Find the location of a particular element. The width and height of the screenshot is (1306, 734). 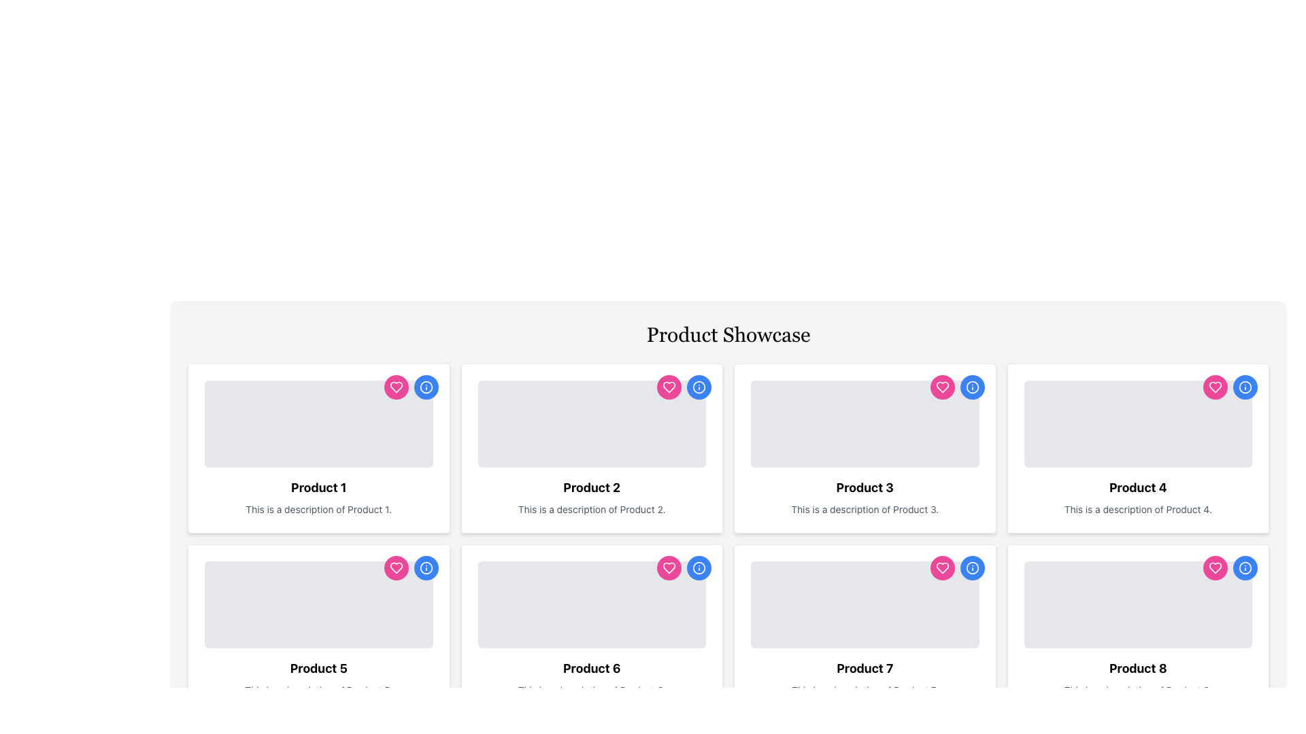

the information icon button located in the top-right corner of the 'Product 8' card is located at coordinates (1245, 568).